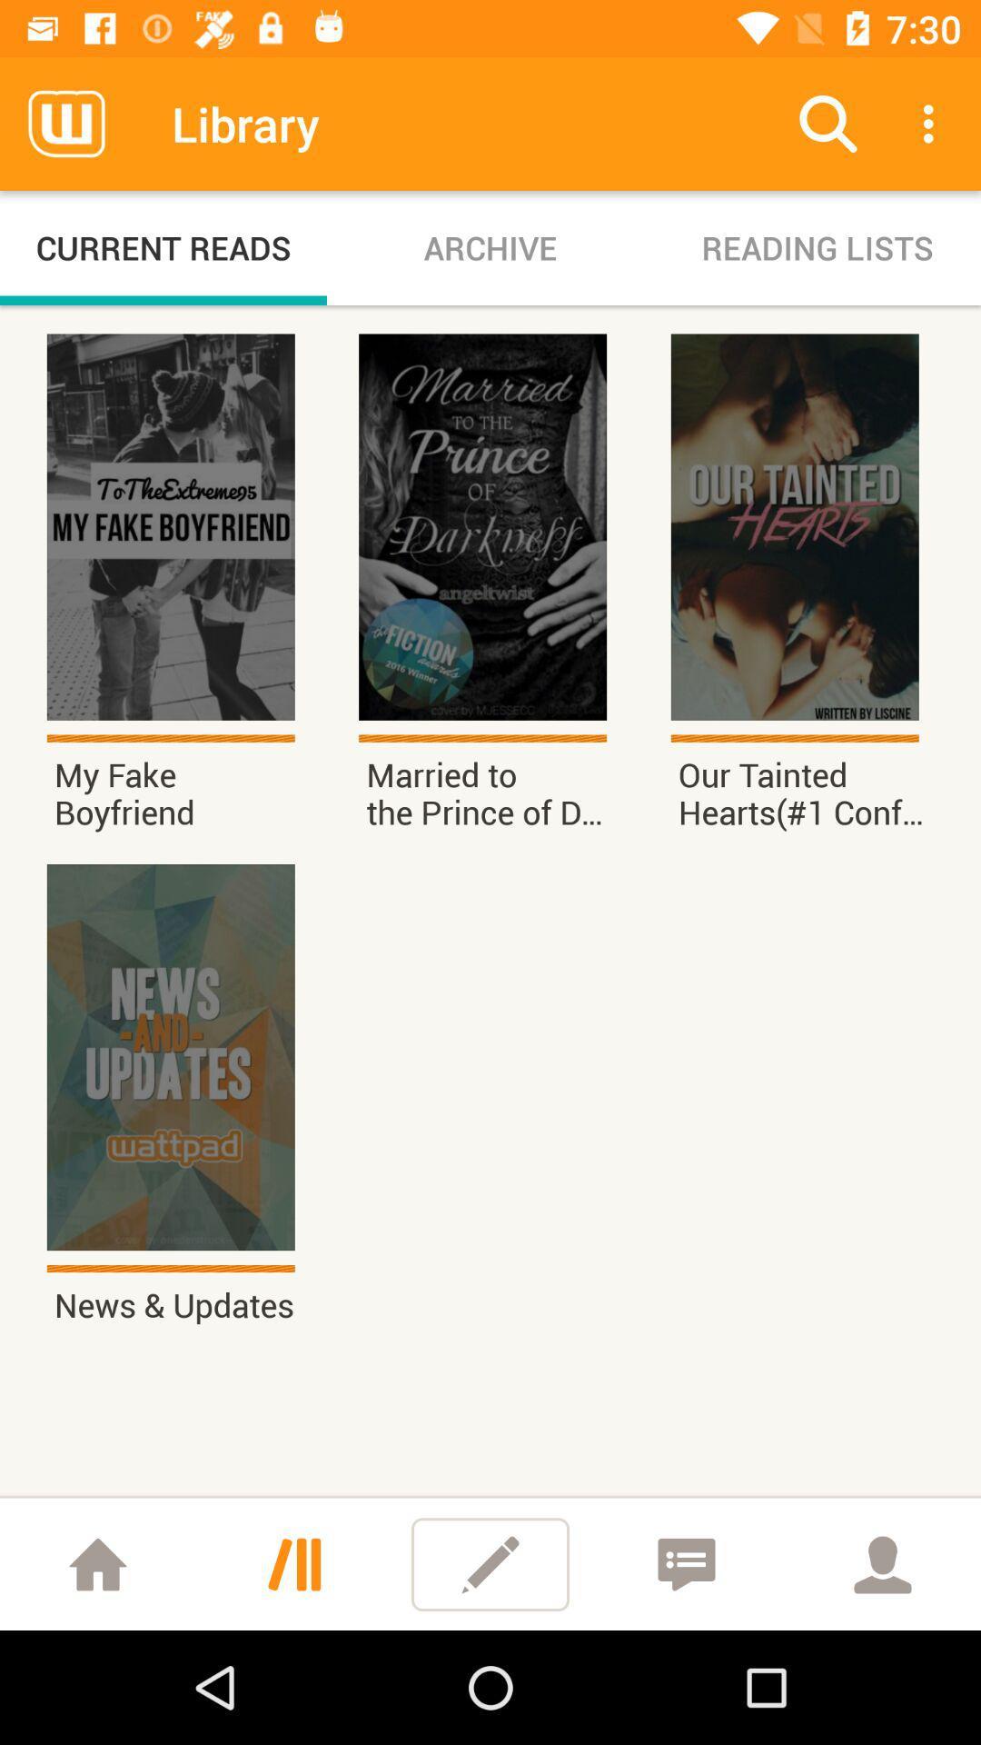  I want to click on the icon above the reading lists item, so click(827, 123).